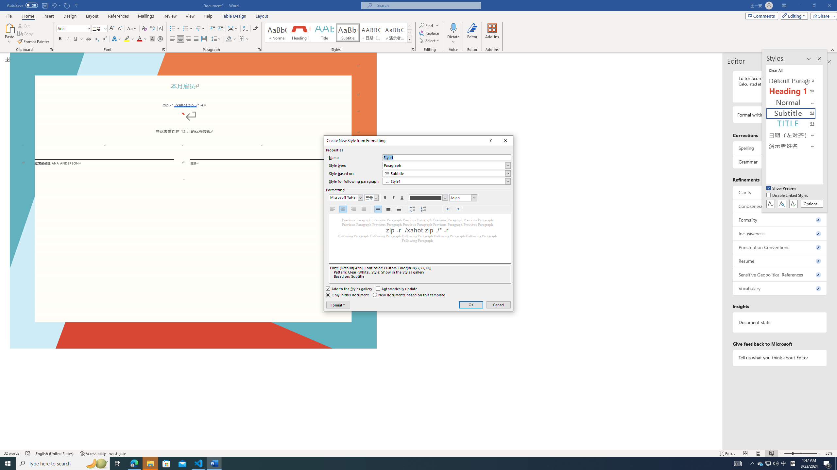 The height and width of the screenshot is (470, 837). What do you see at coordinates (779, 161) in the screenshot?
I see `'Grammar, 1 issue. Press space or enter to review items.'` at bounding box center [779, 161].